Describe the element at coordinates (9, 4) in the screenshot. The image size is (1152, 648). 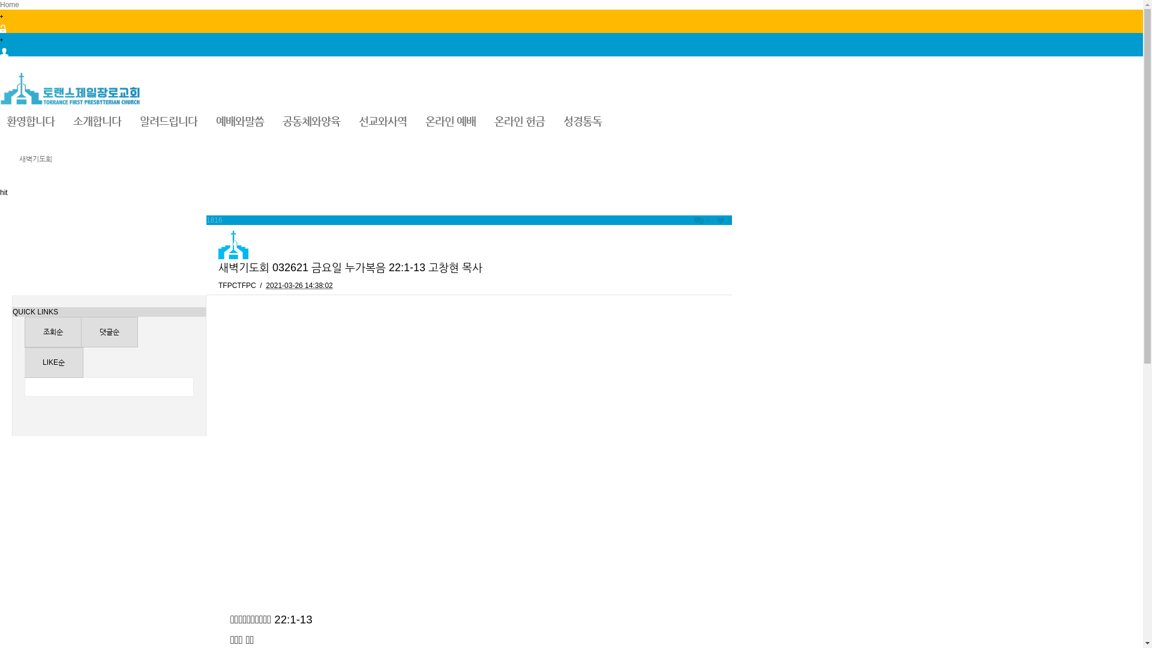
I see `'Home'` at that location.